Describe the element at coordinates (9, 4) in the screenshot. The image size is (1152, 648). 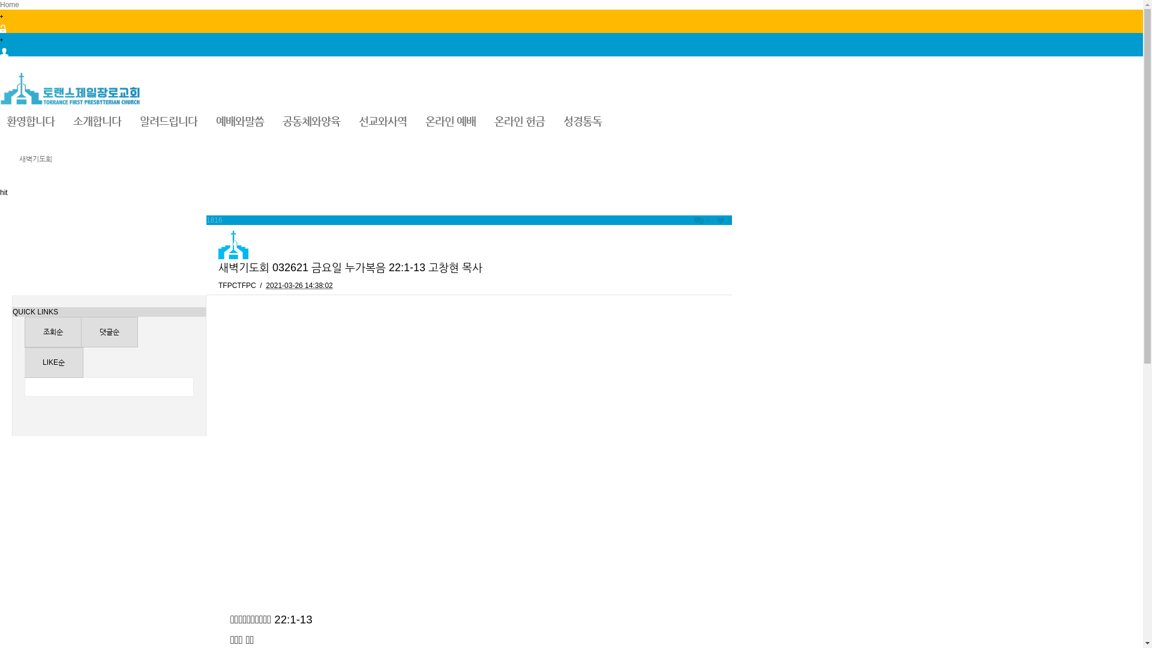
I see `'Home'` at that location.